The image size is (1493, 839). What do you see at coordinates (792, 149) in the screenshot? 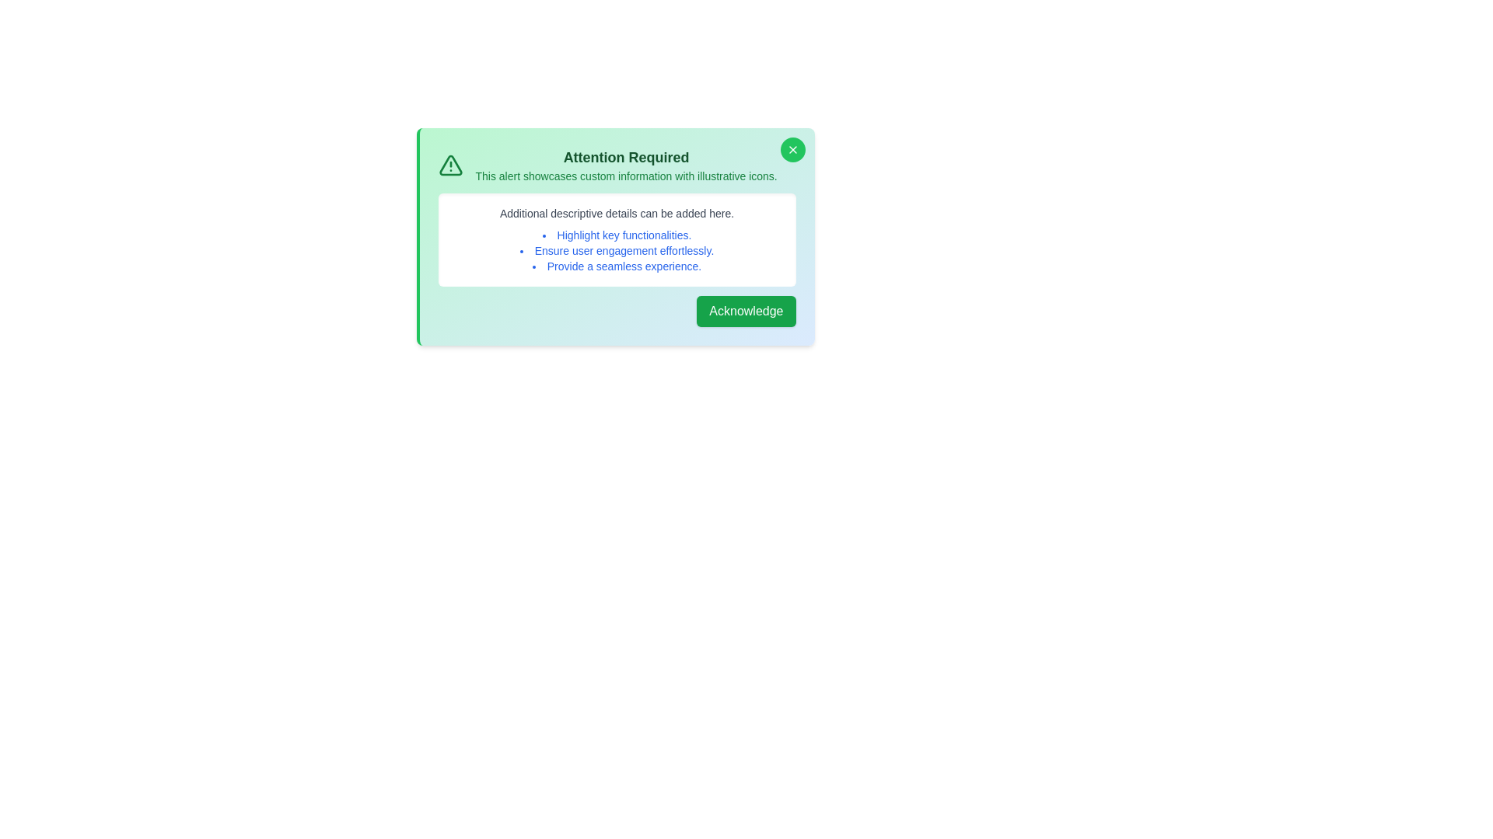
I see `the 'X' button to close the alert` at bounding box center [792, 149].